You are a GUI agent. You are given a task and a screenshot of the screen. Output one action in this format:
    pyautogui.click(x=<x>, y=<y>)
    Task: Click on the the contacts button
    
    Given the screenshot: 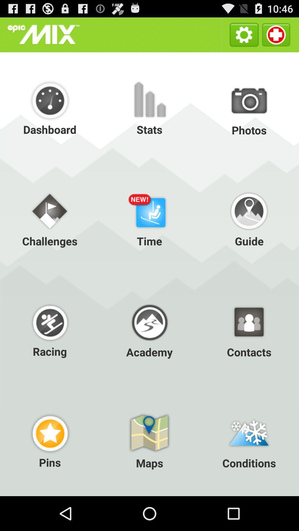 What is the action you would take?
    pyautogui.click(x=249, y=329)
    